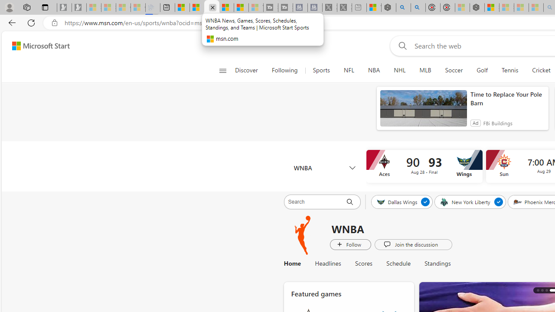  Describe the element at coordinates (434, 263) in the screenshot. I see `'Standings'` at that location.